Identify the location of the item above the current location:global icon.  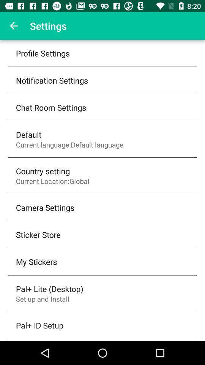
(43, 171).